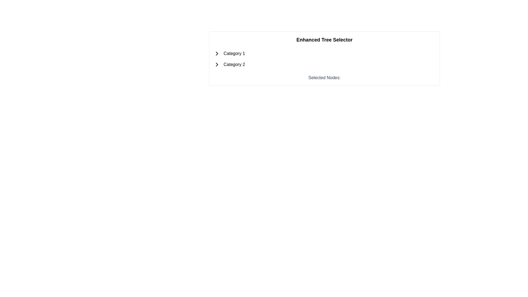  What do you see at coordinates (234, 64) in the screenshot?
I see `the Text label that serves as a title for a category in a collapsible tree structure, located under 'Category 1' and aligned as the second item in a vertical list of categories` at bounding box center [234, 64].